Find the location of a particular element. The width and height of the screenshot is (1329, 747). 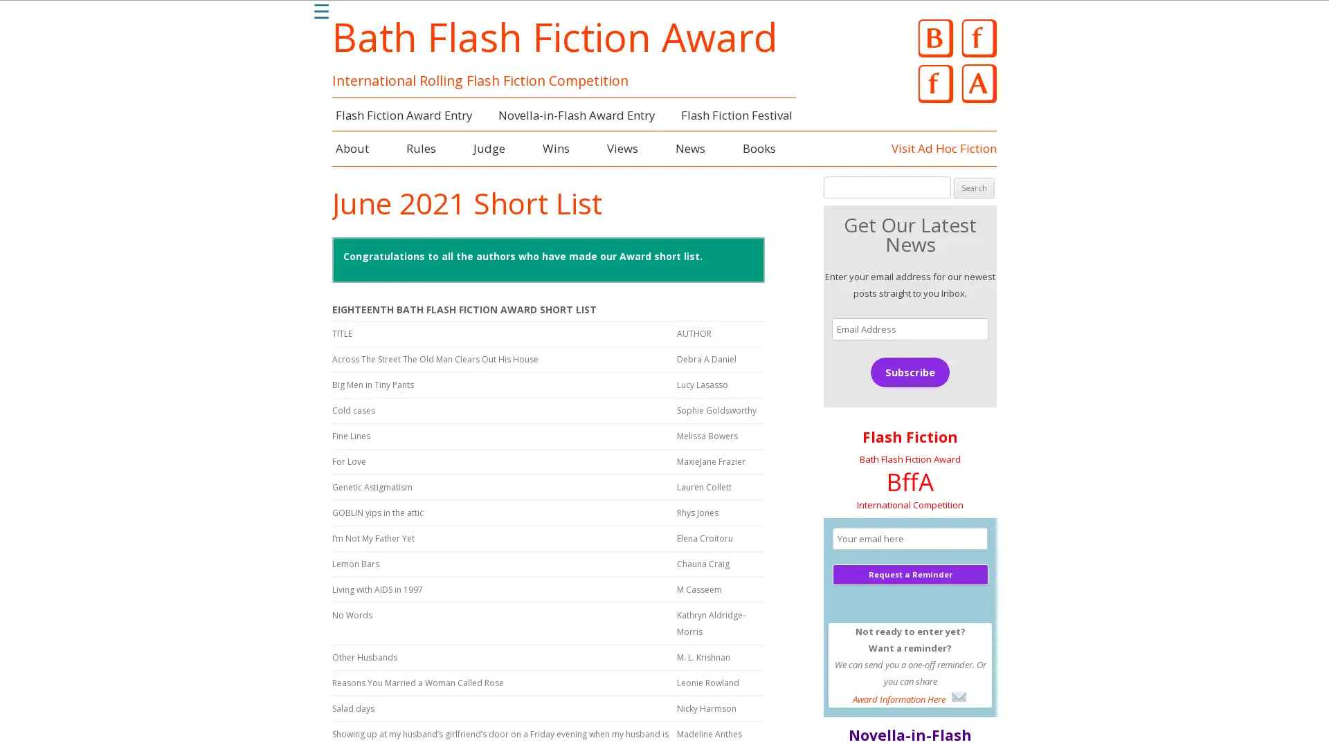

Subscribe is located at coordinates (910, 371).